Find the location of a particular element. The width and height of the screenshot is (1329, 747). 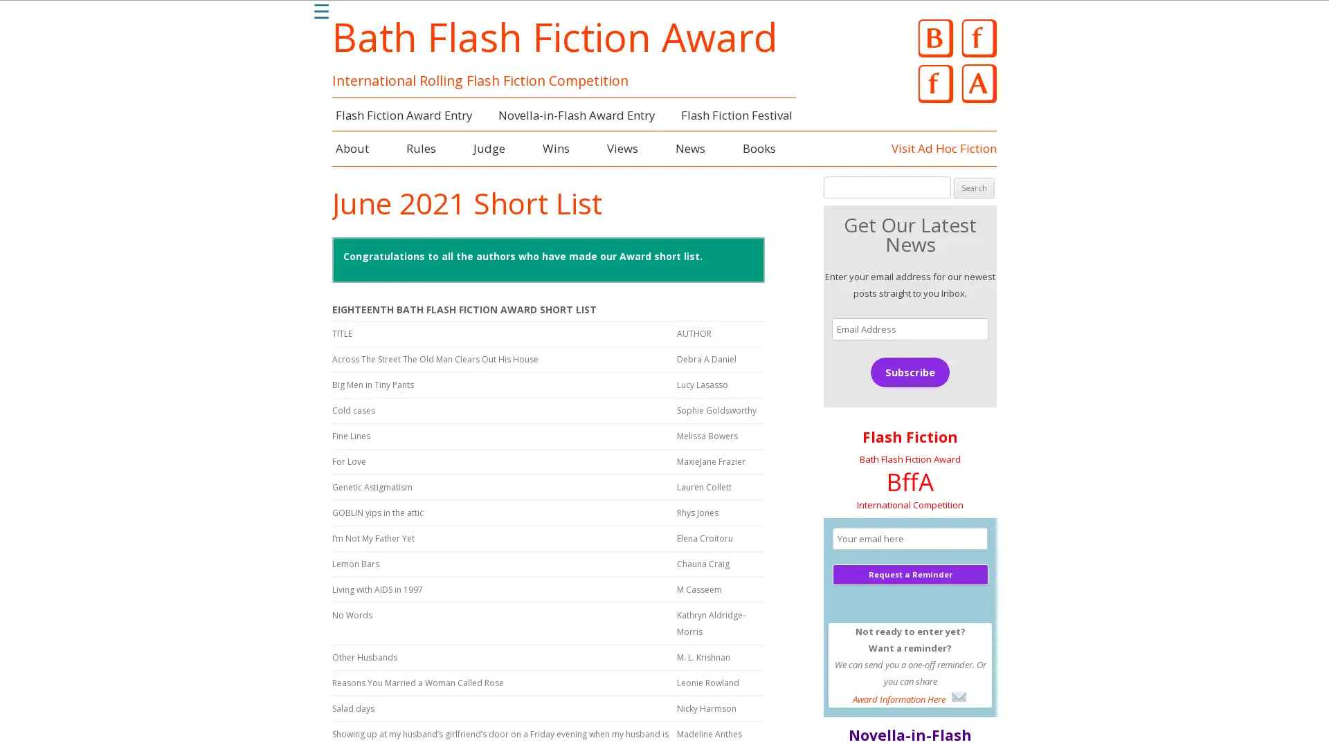

Subscribe is located at coordinates (910, 371).